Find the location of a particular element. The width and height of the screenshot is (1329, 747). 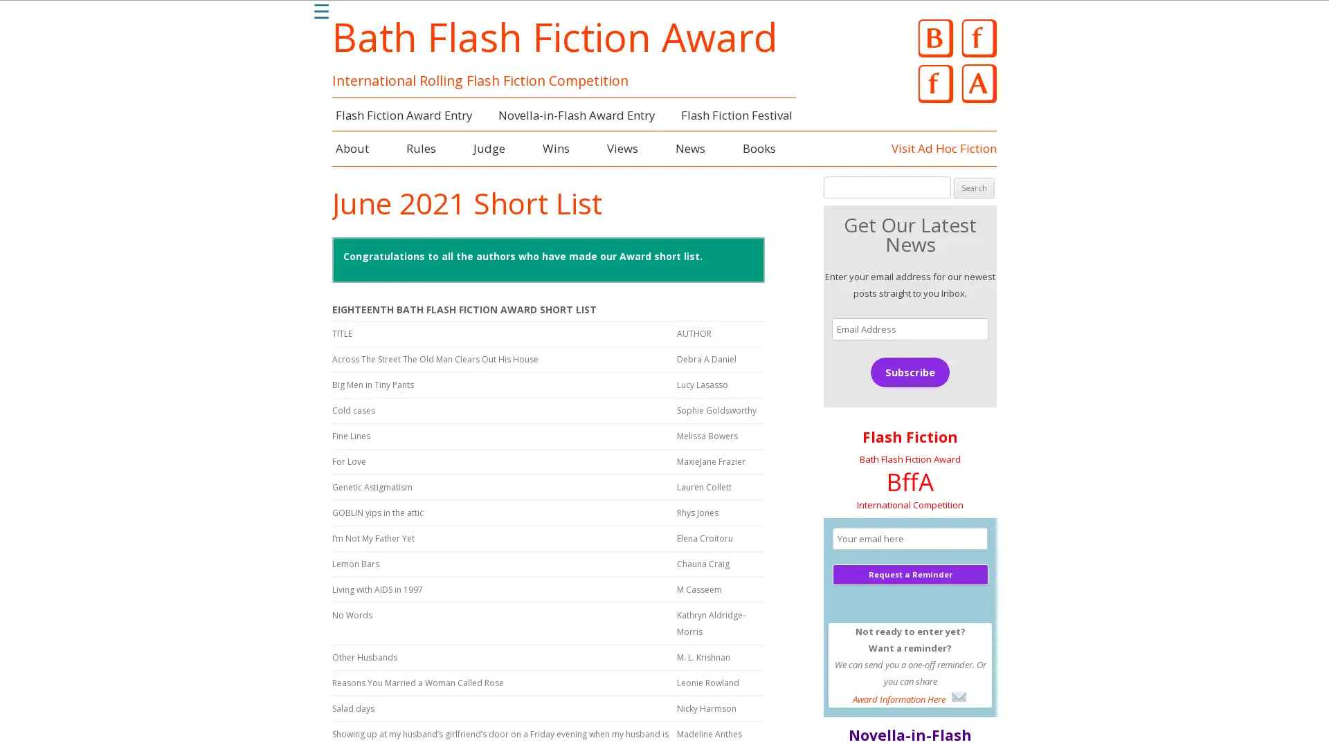

Subscribe is located at coordinates (910, 371).